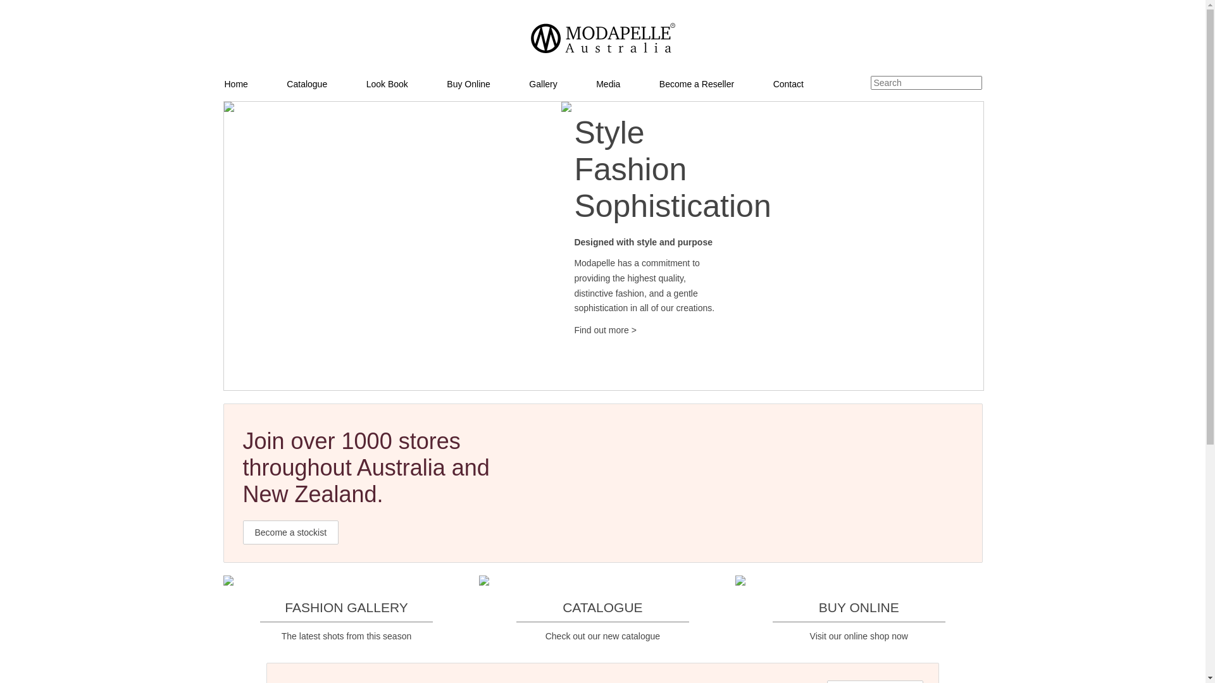 Image resolution: width=1215 pixels, height=683 pixels. What do you see at coordinates (446, 83) in the screenshot?
I see `'Buy Online'` at bounding box center [446, 83].